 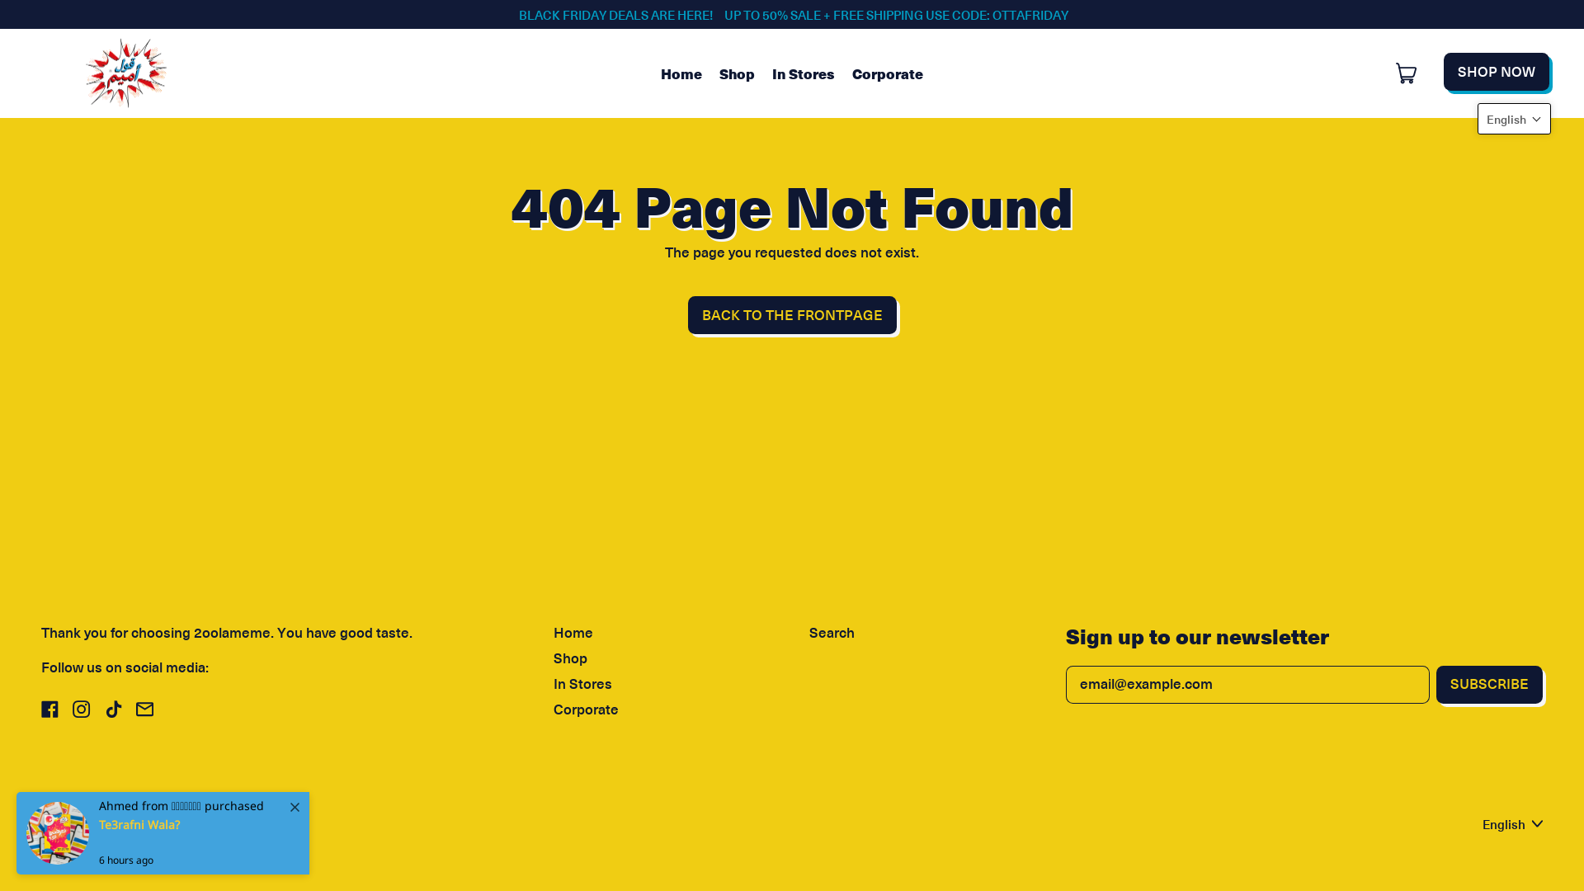 I want to click on 'Facebook', so click(x=40, y=712).